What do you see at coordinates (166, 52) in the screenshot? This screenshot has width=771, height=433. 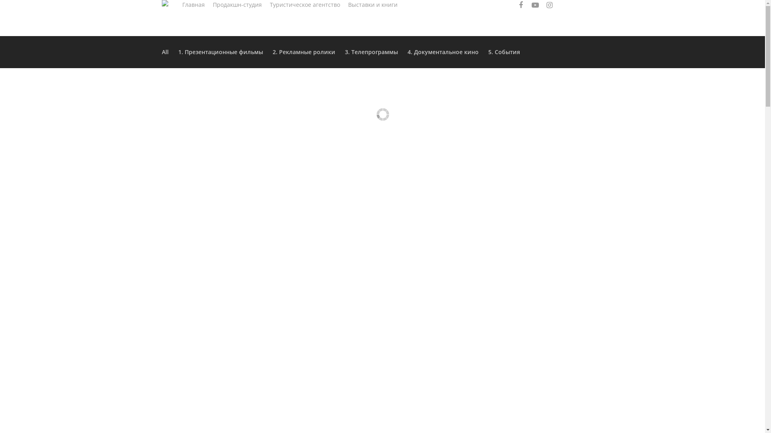 I see `'All'` at bounding box center [166, 52].